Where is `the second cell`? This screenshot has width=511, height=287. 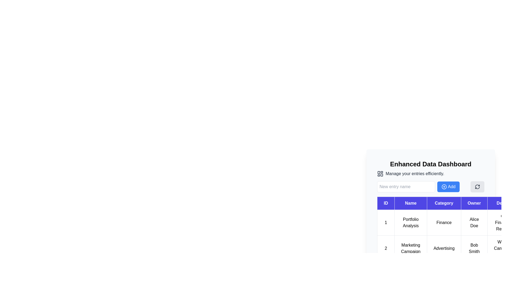
the second cell is located at coordinates (410, 248).